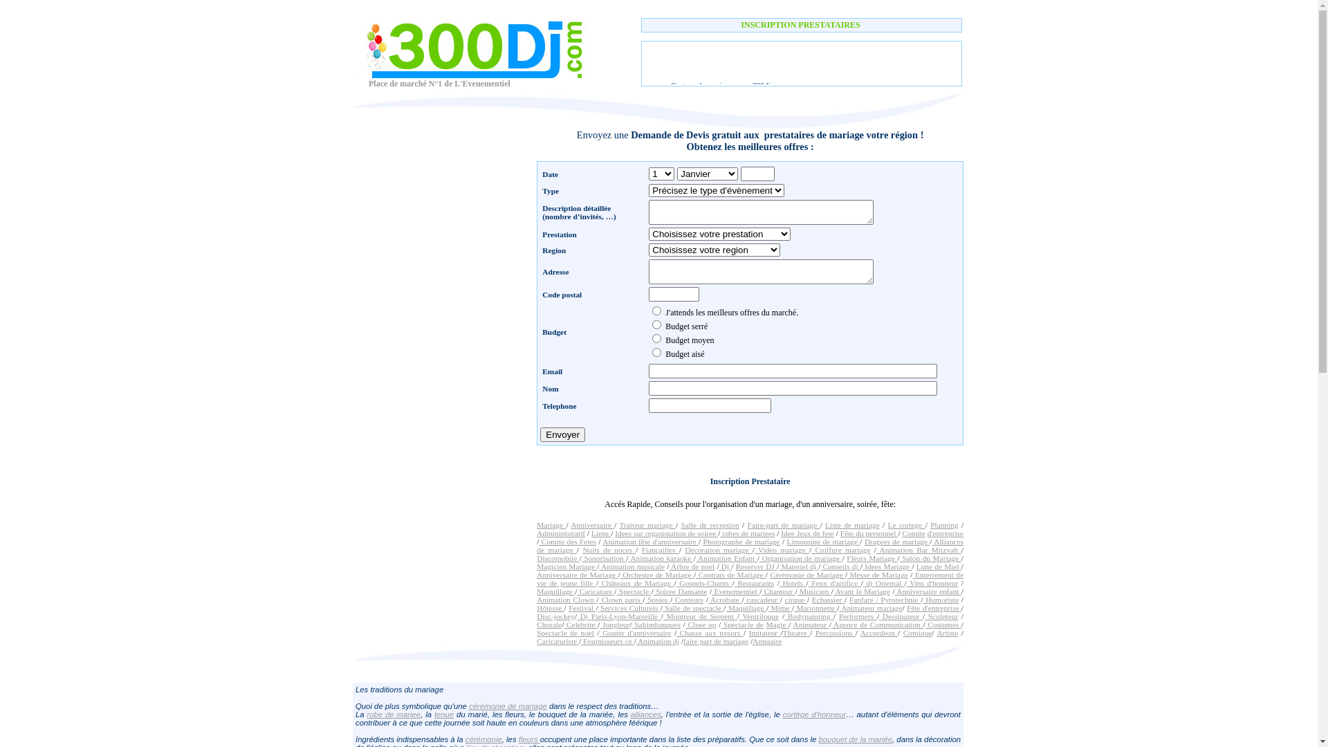 The image size is (1328, 747). Describe the element at coordinates (730, 574) in the screenshot. I see `'Contrats de Mariage'` at that location.